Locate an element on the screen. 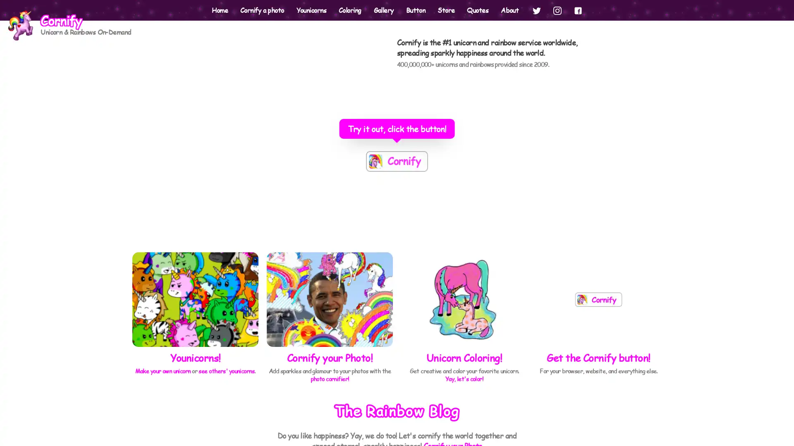 The height and width of the screenshot is (446, 794). The most powerful button on the Internets is located at coordinates (397, 161).